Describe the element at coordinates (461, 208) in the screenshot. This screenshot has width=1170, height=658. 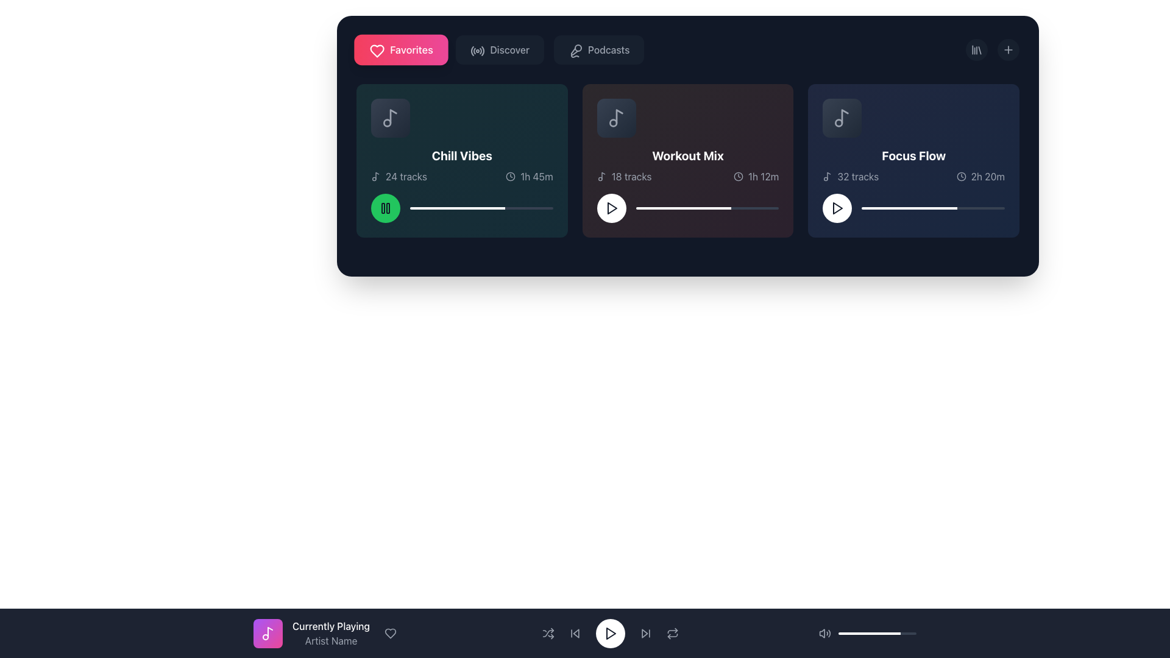
I see `the progress bar located at the bottom of the 'Chill Vibes' card to jump to a specific playback position` at that location.